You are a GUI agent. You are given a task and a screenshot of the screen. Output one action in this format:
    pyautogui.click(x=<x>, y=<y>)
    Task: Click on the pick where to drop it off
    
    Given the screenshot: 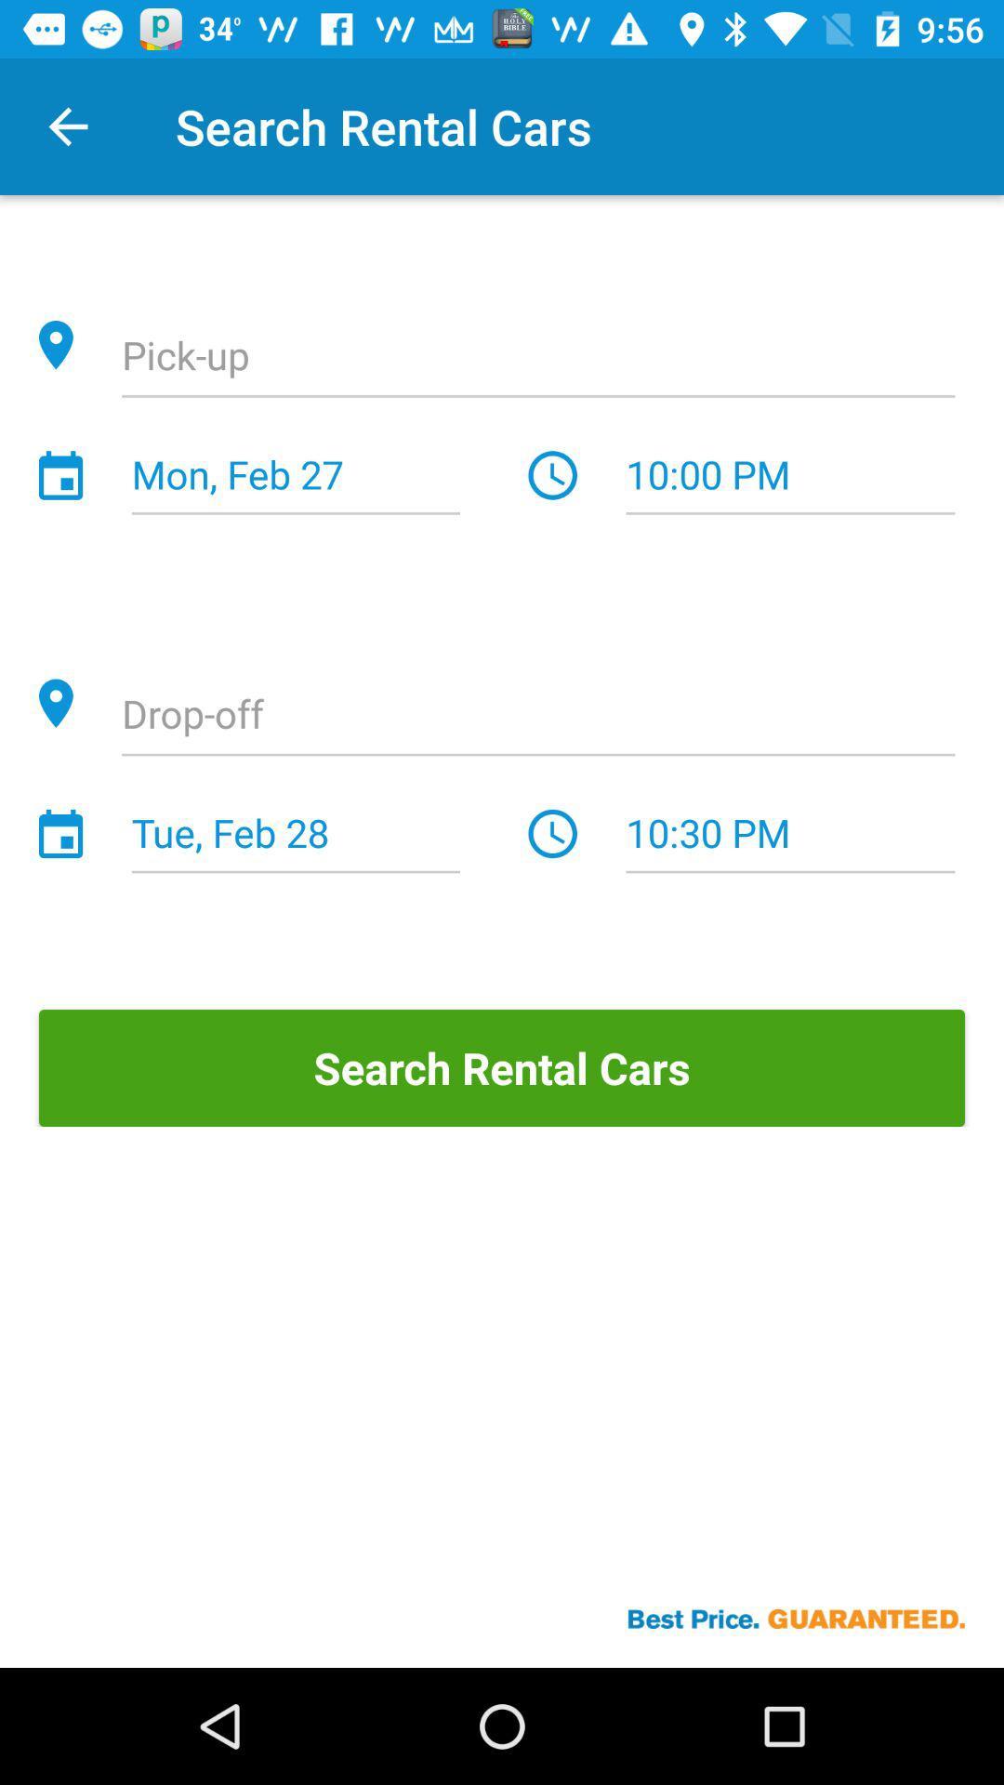 What is the action you would take?
    pyautogui.click(x=538, y=716)
    